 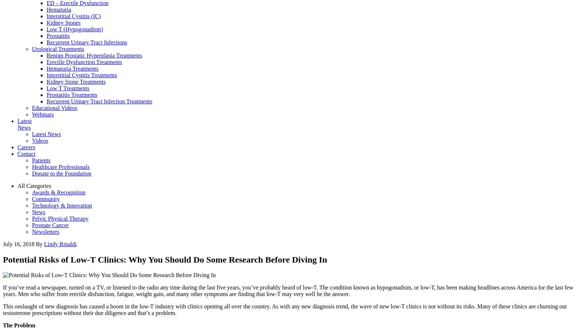 What do you see at coordinates (42, 114) in the screenshot?
I see `'Webinars'` at bounding box center [42, 114].